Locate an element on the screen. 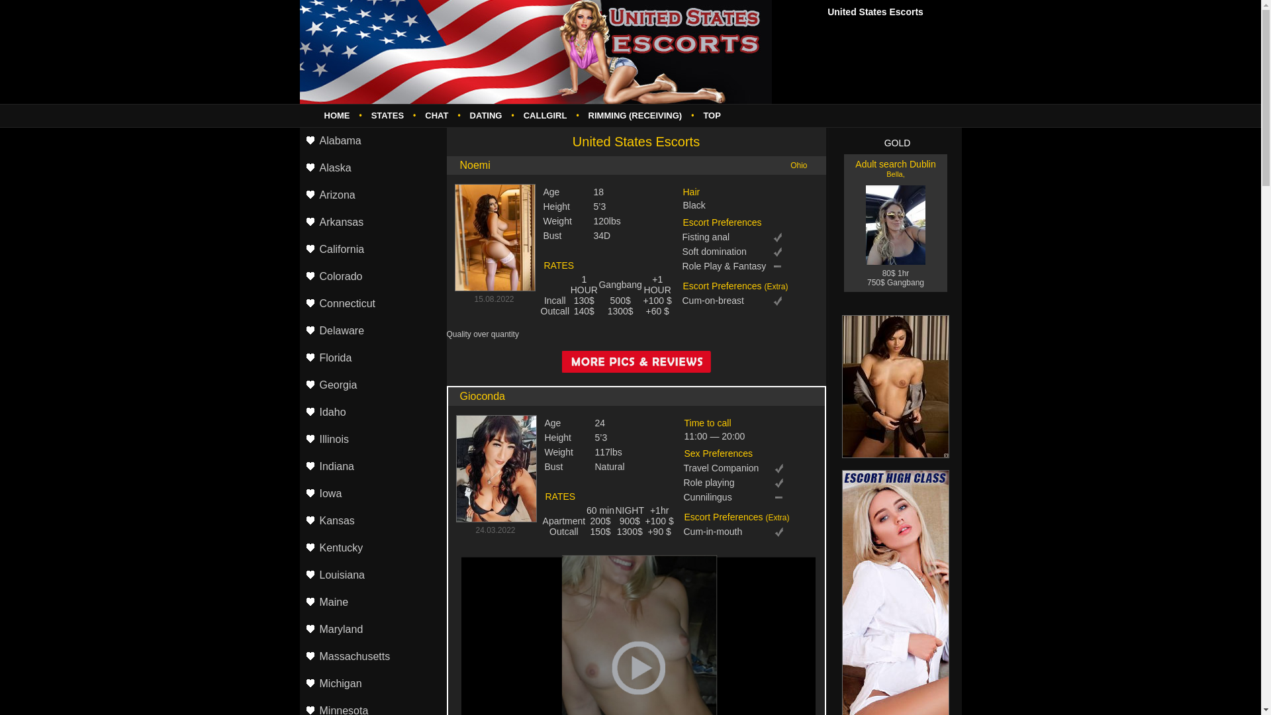 This screenshot has width=1271, height=715. 'STATES' is located at coordinates (387, 115).